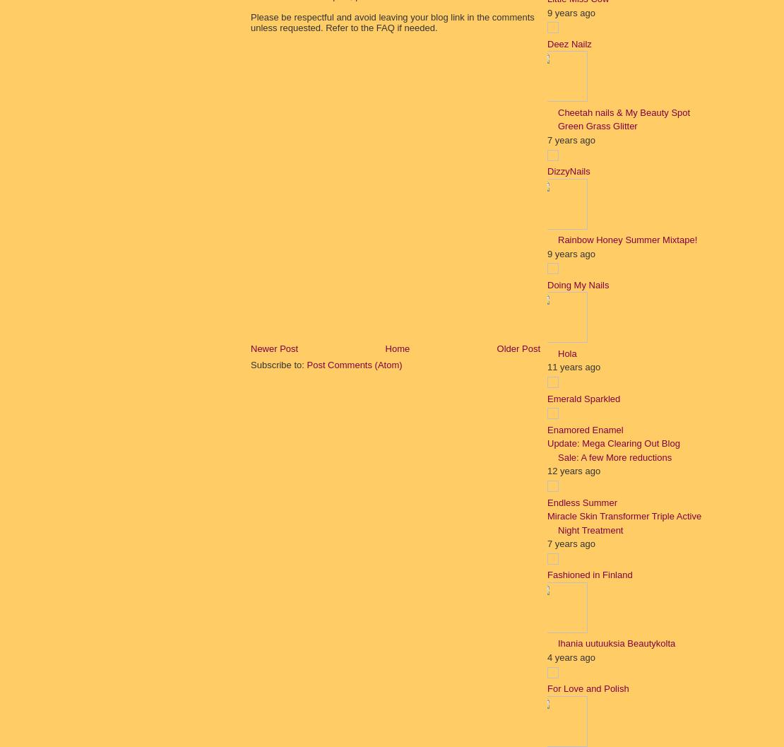  I want to click on 'Rainbow Honey Summer Mixtape!', so click(557, 240).